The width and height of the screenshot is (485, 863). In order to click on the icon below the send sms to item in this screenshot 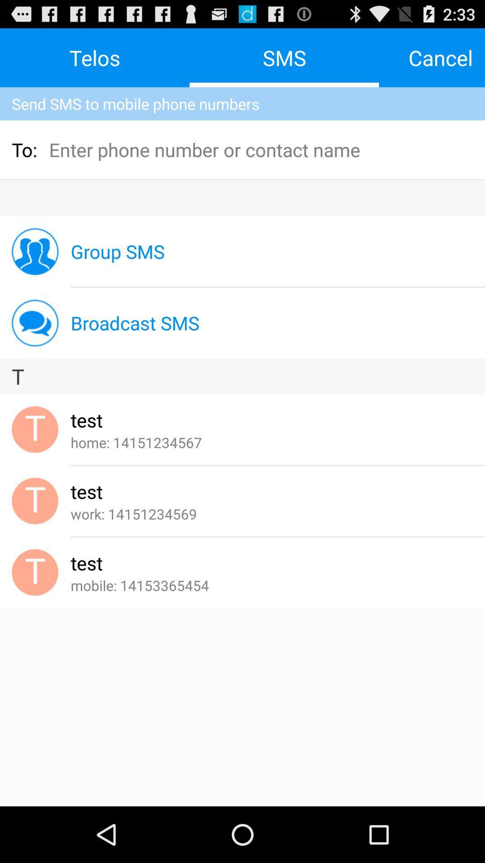, I will do `click(109, 149)`.